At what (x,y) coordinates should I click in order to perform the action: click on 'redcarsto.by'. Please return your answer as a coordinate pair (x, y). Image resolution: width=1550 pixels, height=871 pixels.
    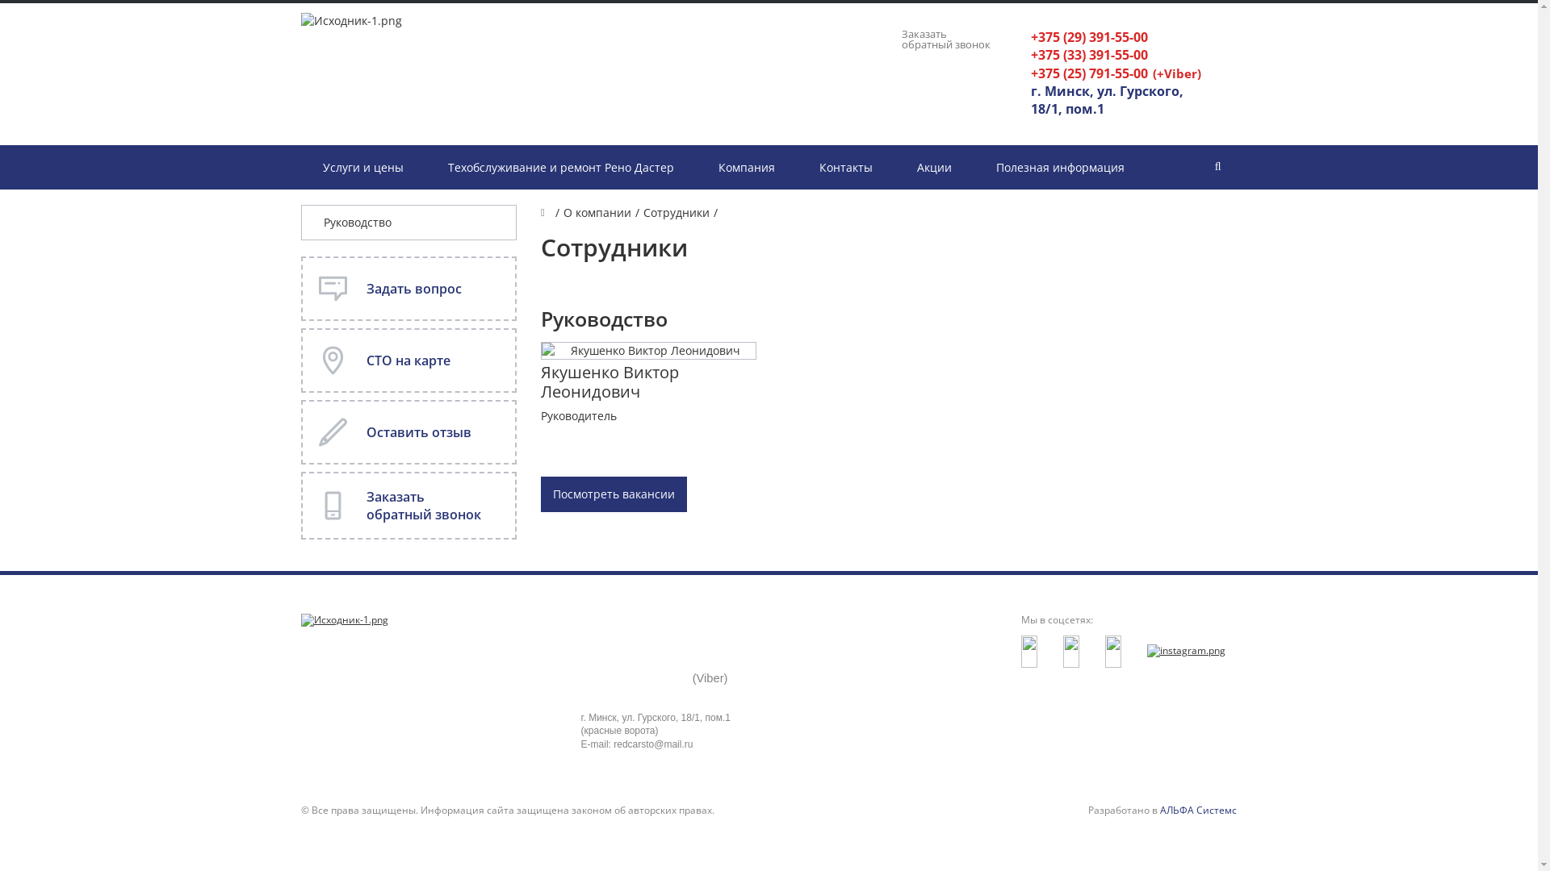
    Looking at the image, I should click on (343, 619).